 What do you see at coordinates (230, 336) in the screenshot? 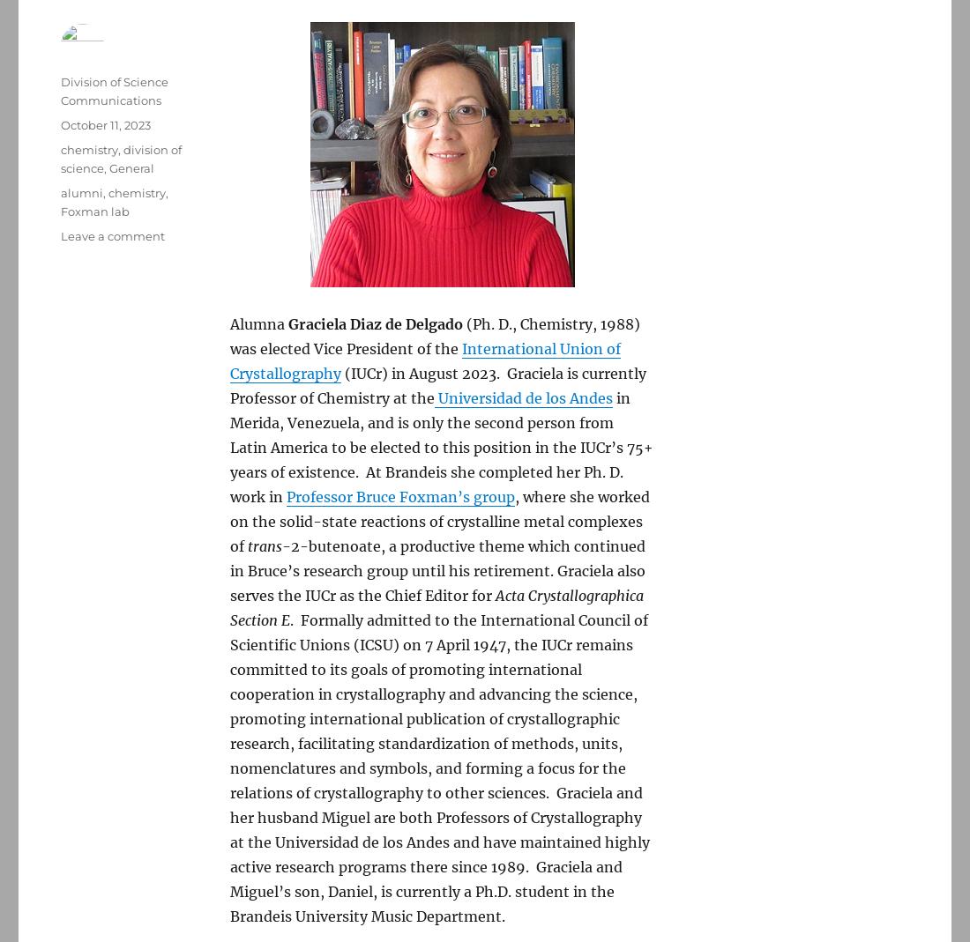
I see `'(Ph. D., Chemistry, 1988) was elected Vice President of the'` at bounding box center [230, 336].